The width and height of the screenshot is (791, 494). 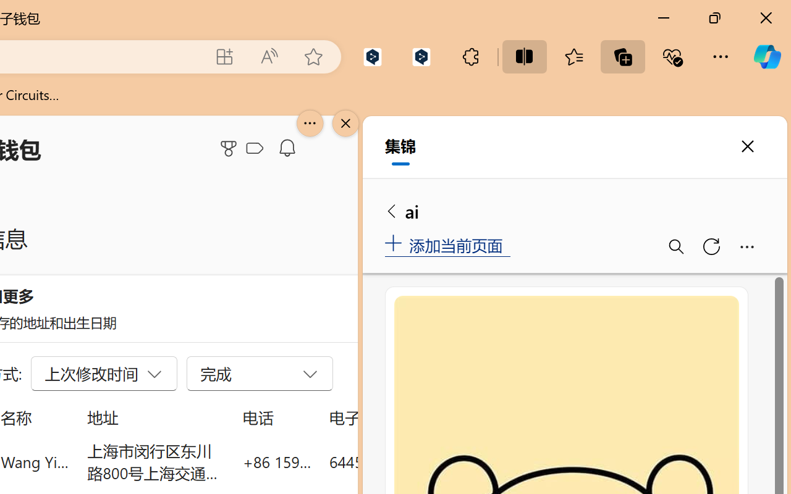 I want to click on 'Microsoft Cashback', so click(x=256, y=148).